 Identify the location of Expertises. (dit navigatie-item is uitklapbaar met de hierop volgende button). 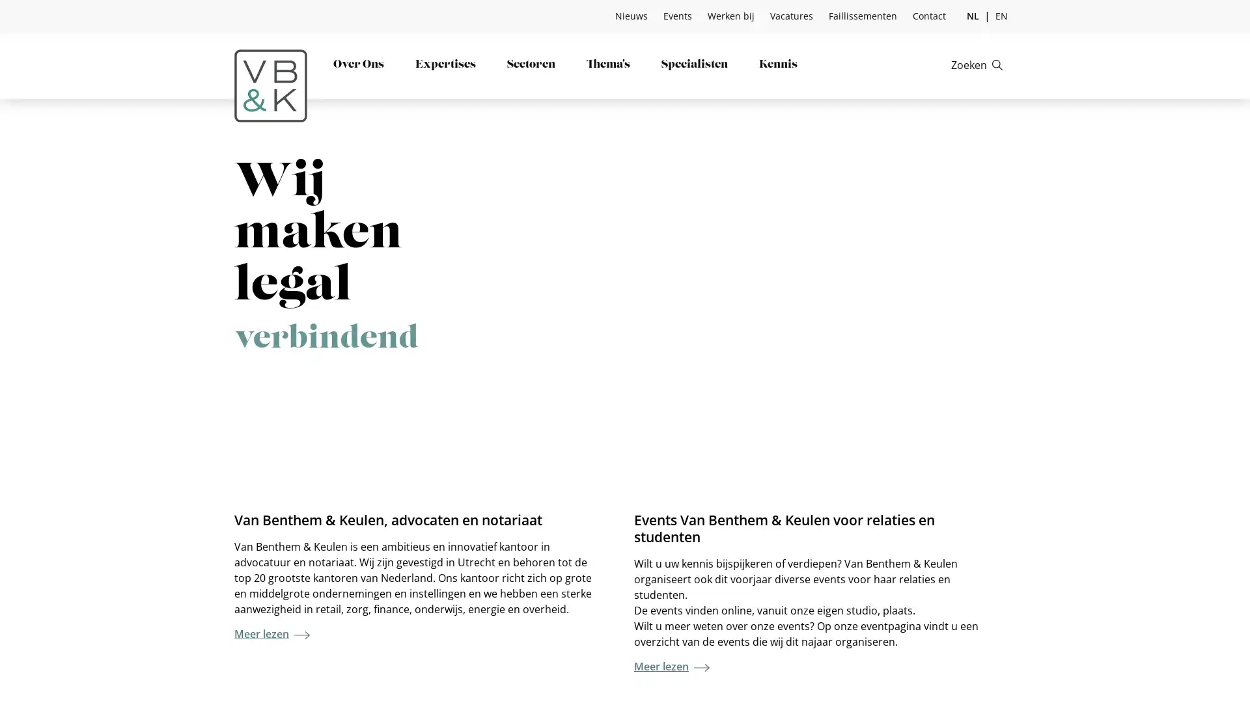
(445, 65).